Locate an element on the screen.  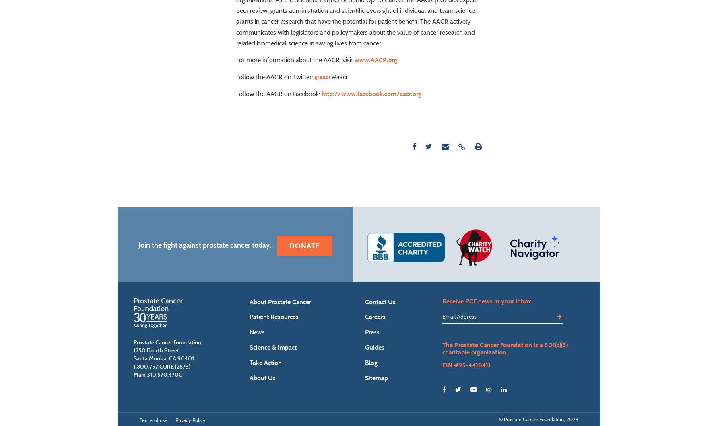
'1.800.757.CURE (2873)' is located at coordinates (161, 389).